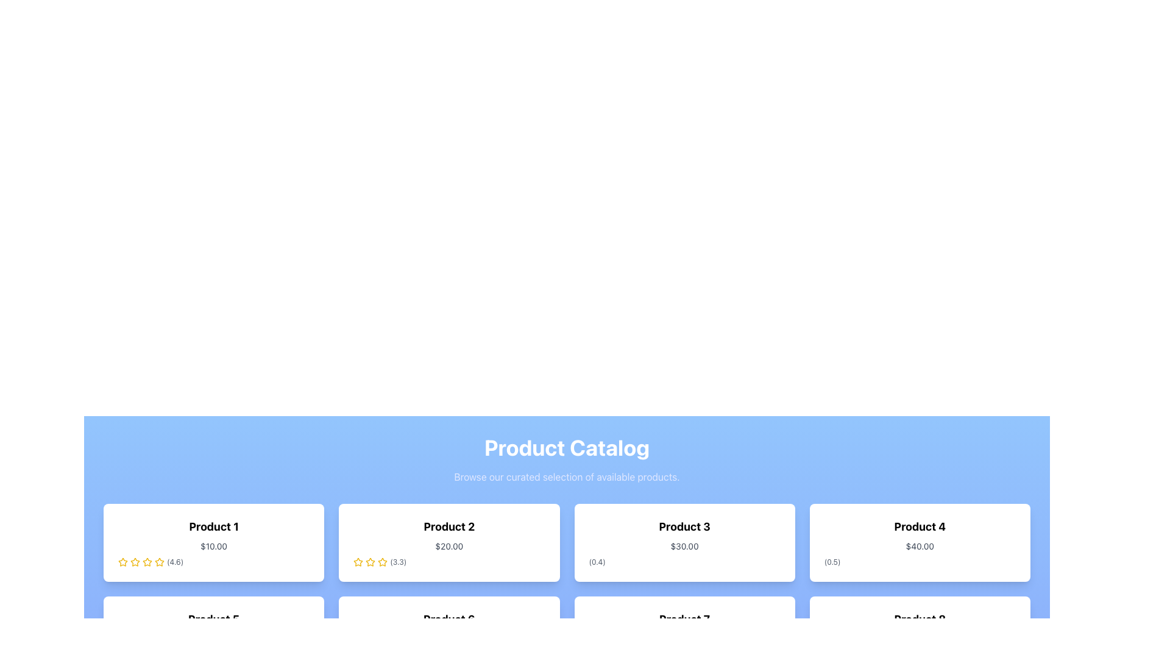 This screenshot has width=1170, height=658. I want to click on the second star icon in the rating system under 'Product 2' in the product list, so click(370, 562).